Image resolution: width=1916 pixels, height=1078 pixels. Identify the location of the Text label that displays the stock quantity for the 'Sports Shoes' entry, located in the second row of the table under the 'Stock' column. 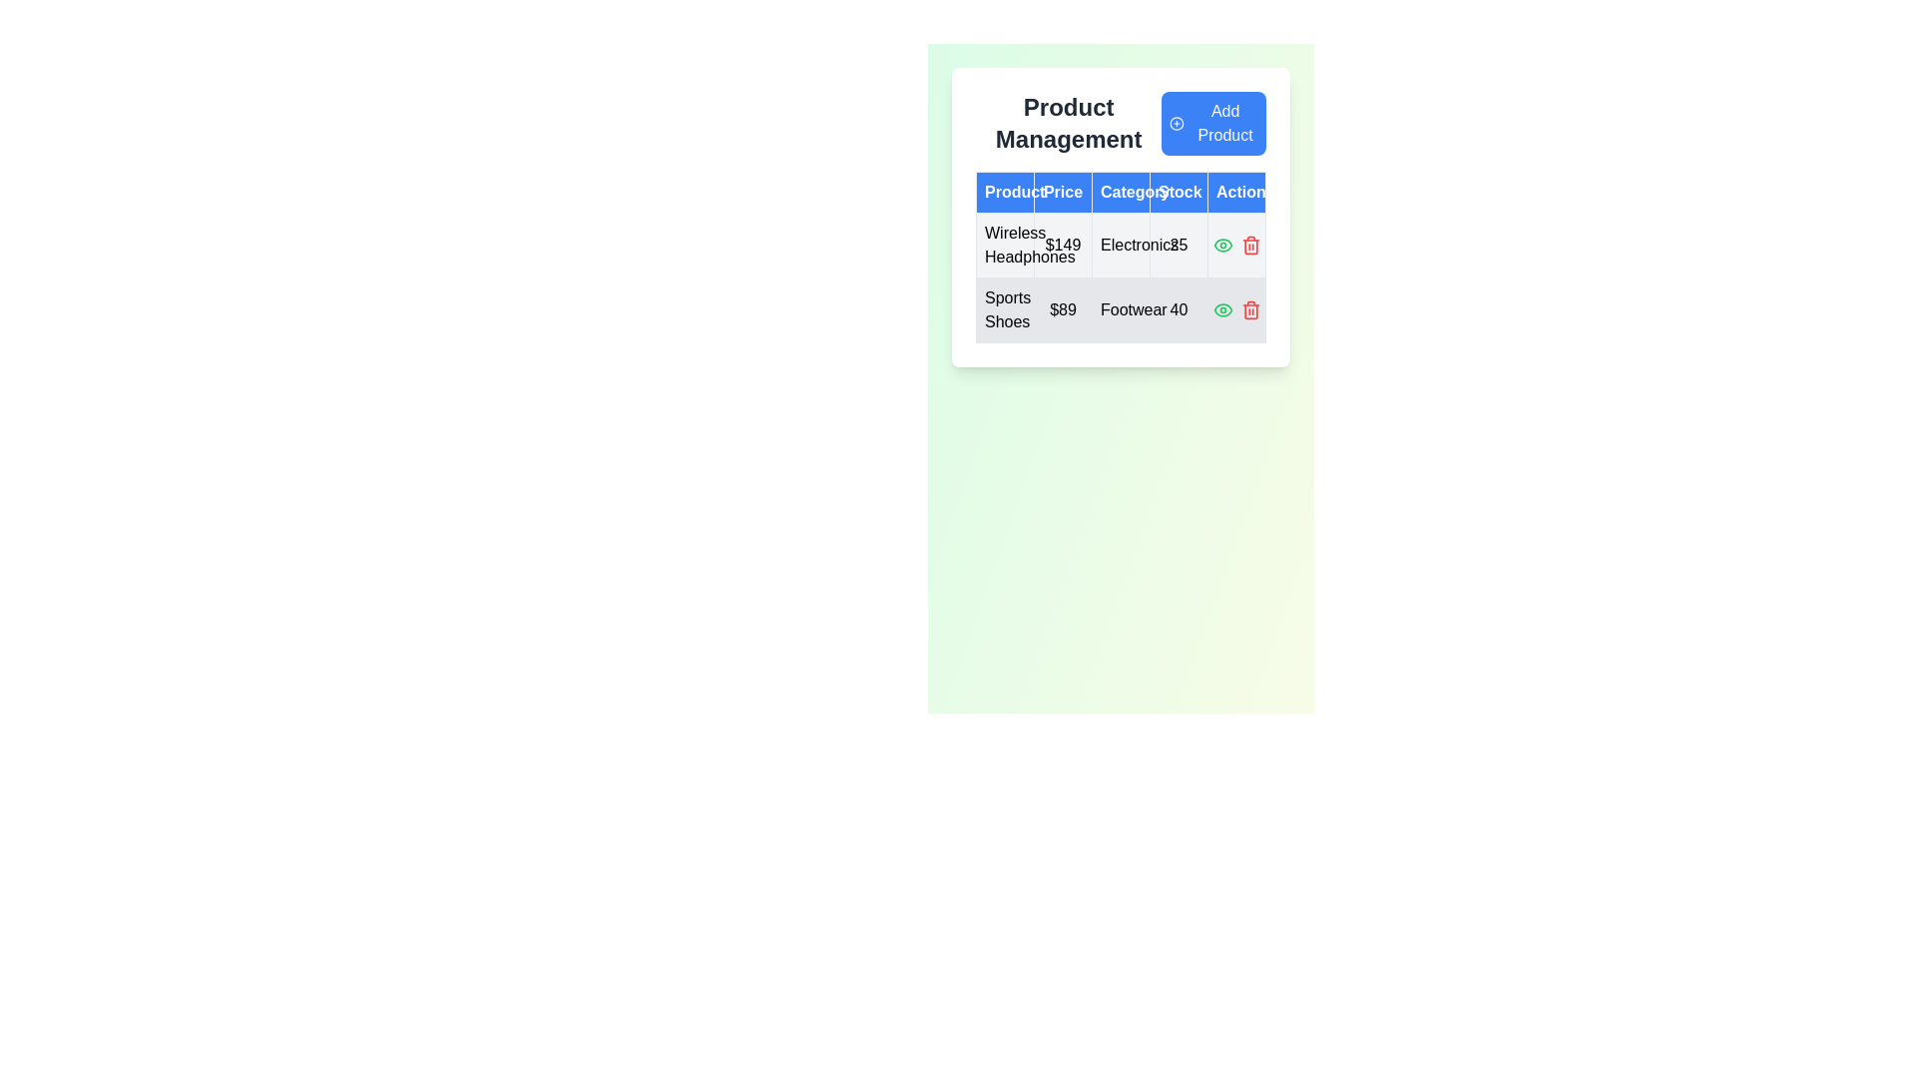
(1179, 310).